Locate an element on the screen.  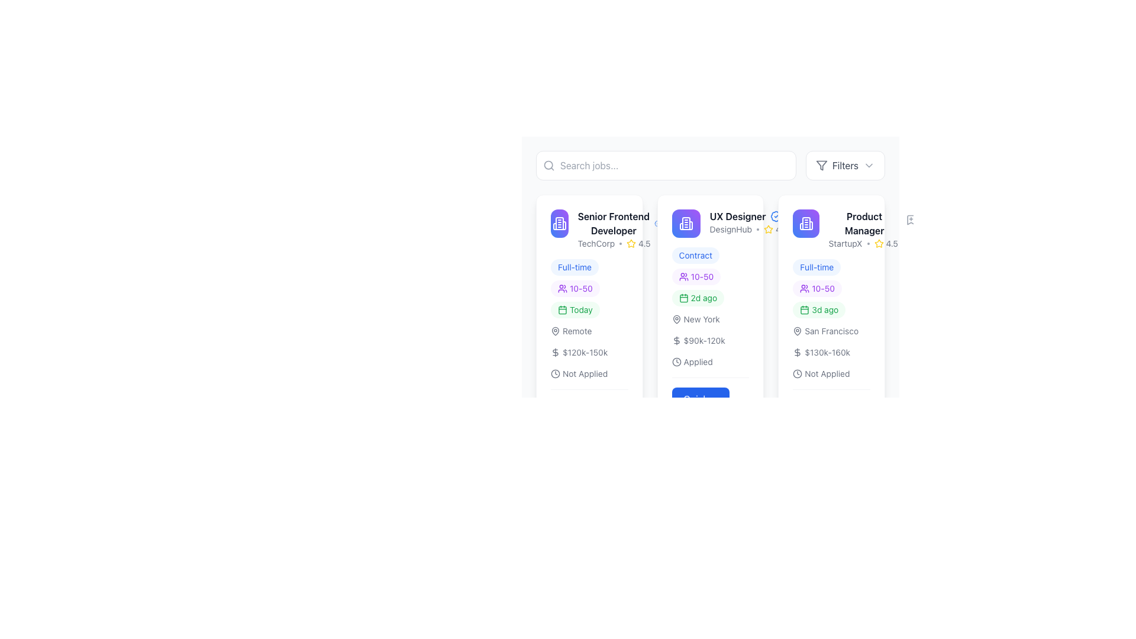
the top text display element that shows the position title and rating for a job posting, located on the right side of the job cards is located at coordinates (864, 230).